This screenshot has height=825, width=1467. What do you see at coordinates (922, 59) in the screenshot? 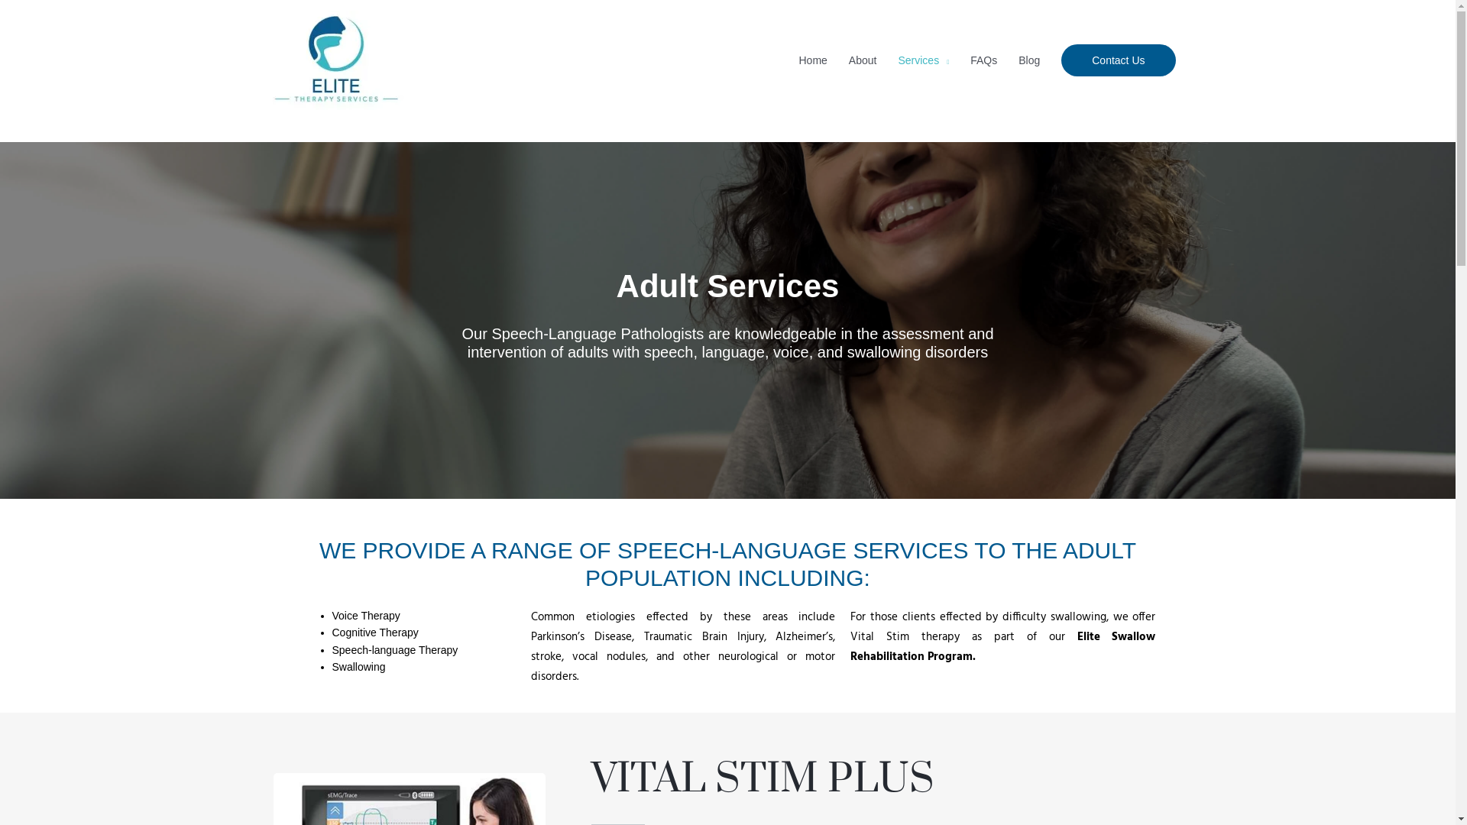
I see `'Services'` at bounding box center [922, 59].